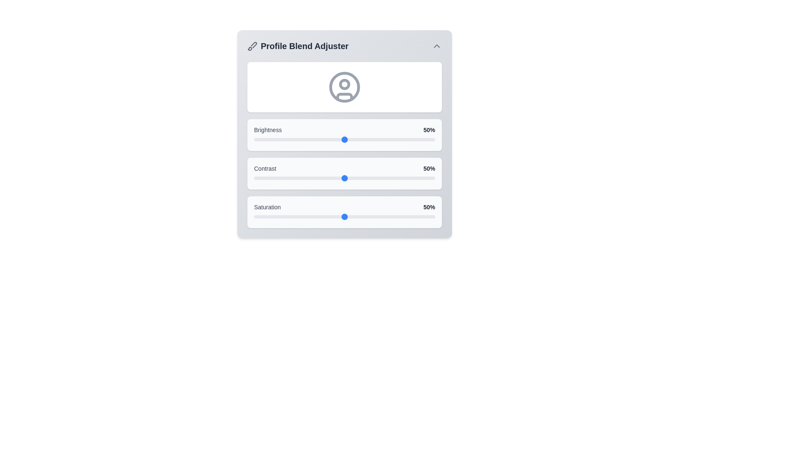 This screenshot has width=805, height=453. What do you see at coordinates (344, 87) in the screenshot?
I see `the circular user profile icon with a gray border, located at the top-center of the 'Profile Blend Adjuster' panel` at bounding box center [344, 87].